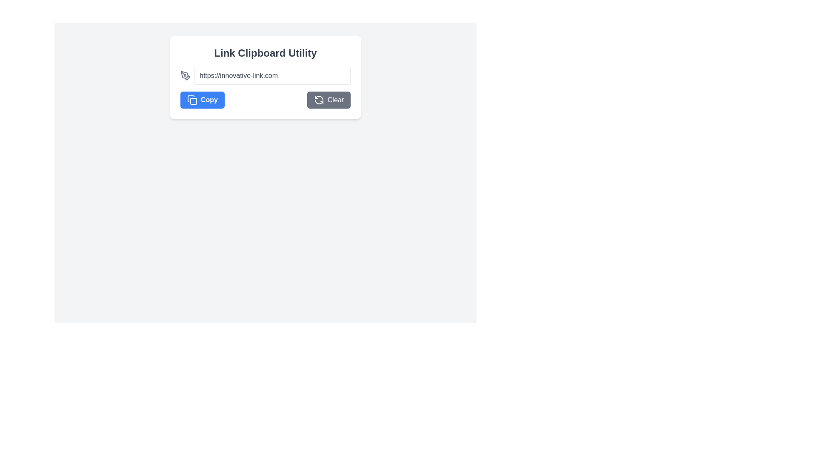 The image size is (817, 460). I want to click on the refresh icon located to the left of the 'Clear' text within the 'Clear' button, which indicates the reset action, so click(318, 100).